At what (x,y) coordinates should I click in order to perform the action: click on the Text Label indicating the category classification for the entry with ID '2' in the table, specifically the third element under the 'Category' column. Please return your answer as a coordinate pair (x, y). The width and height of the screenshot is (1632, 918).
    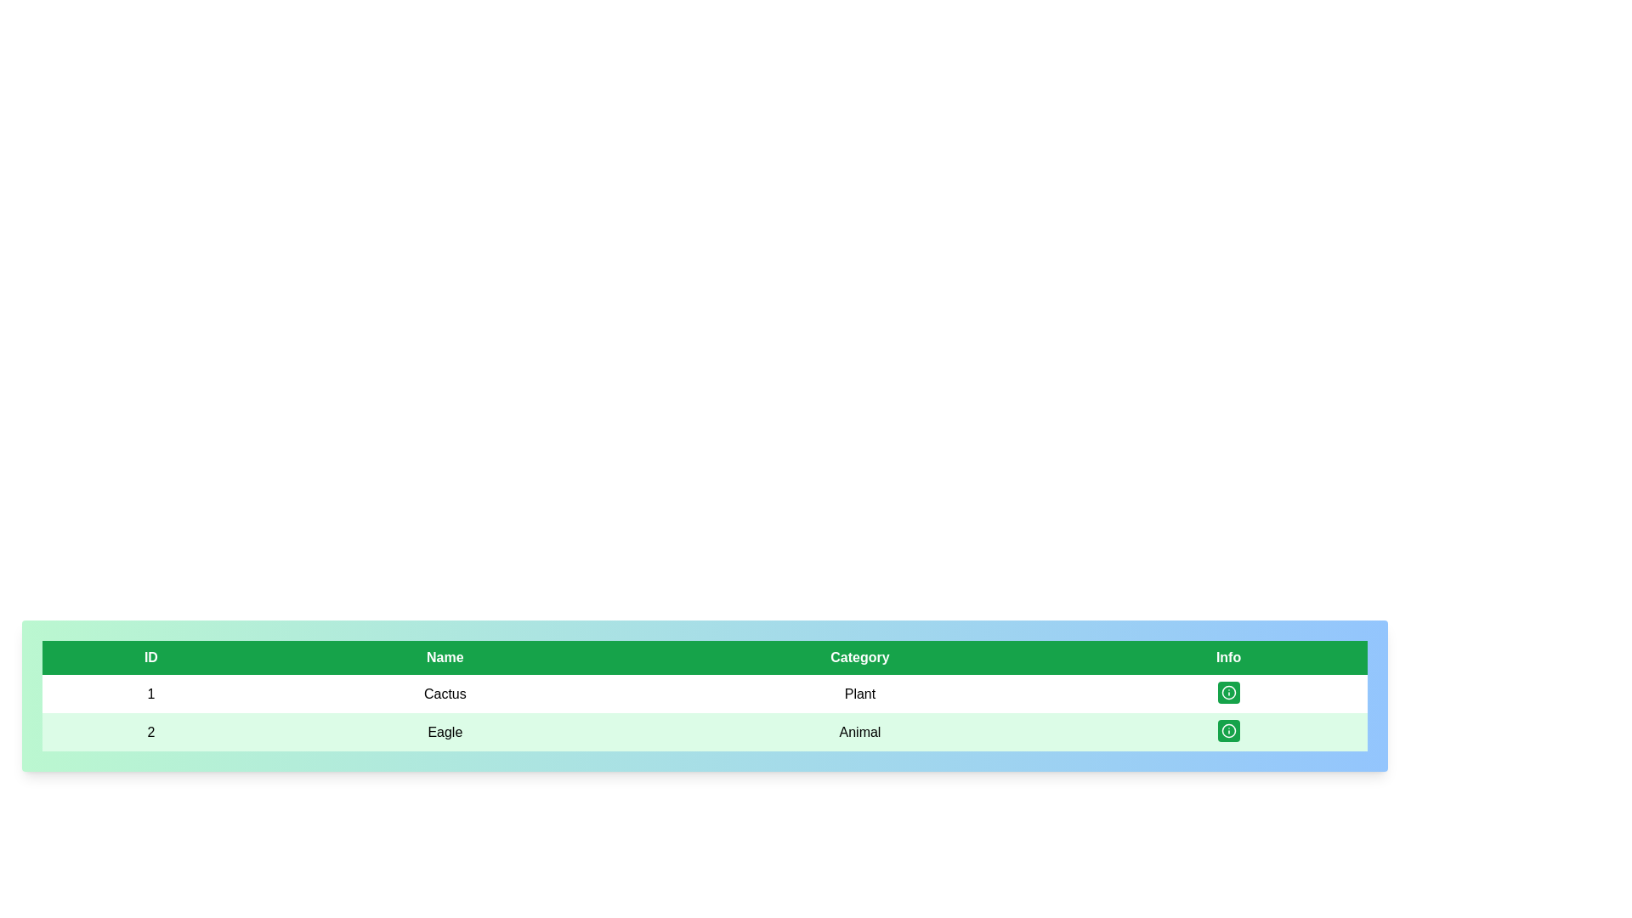
    Looking at the image, I should click on (860, 731).